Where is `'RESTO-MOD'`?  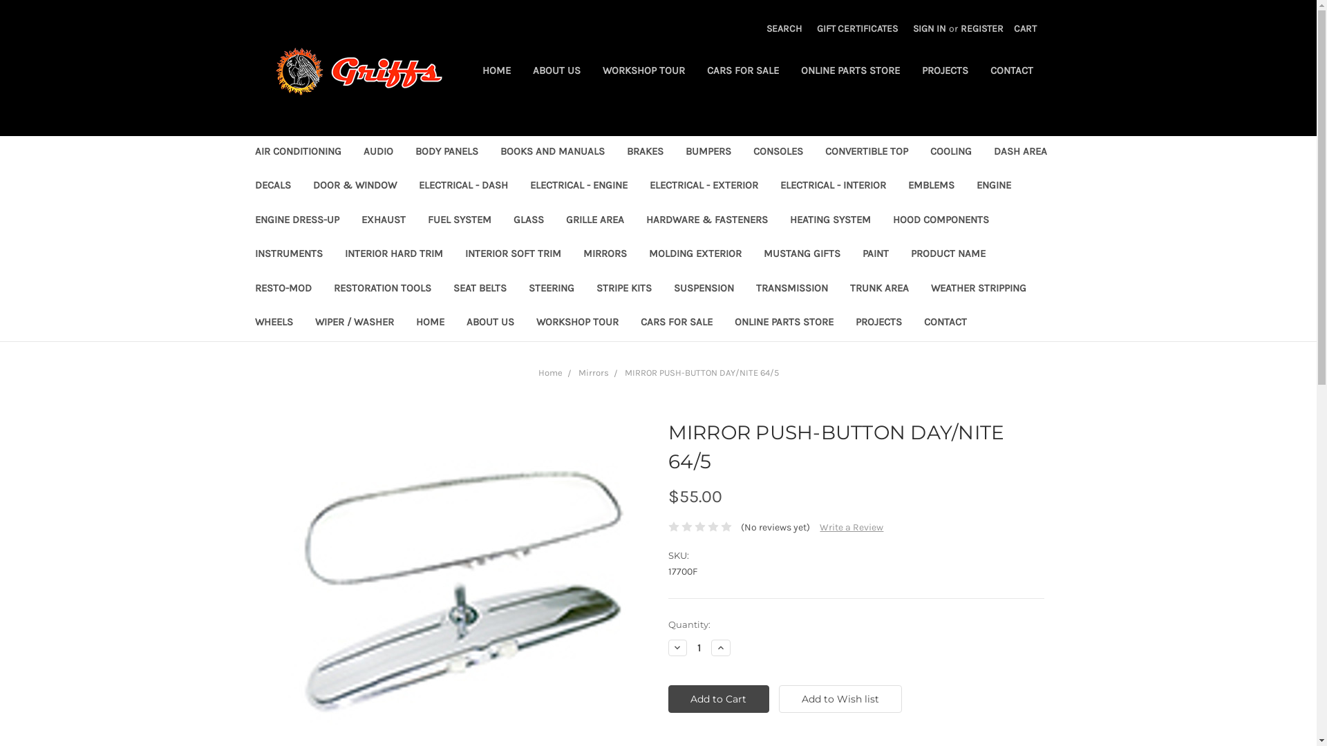 'RESTO-MOD' is located at coordinates (243, 289).